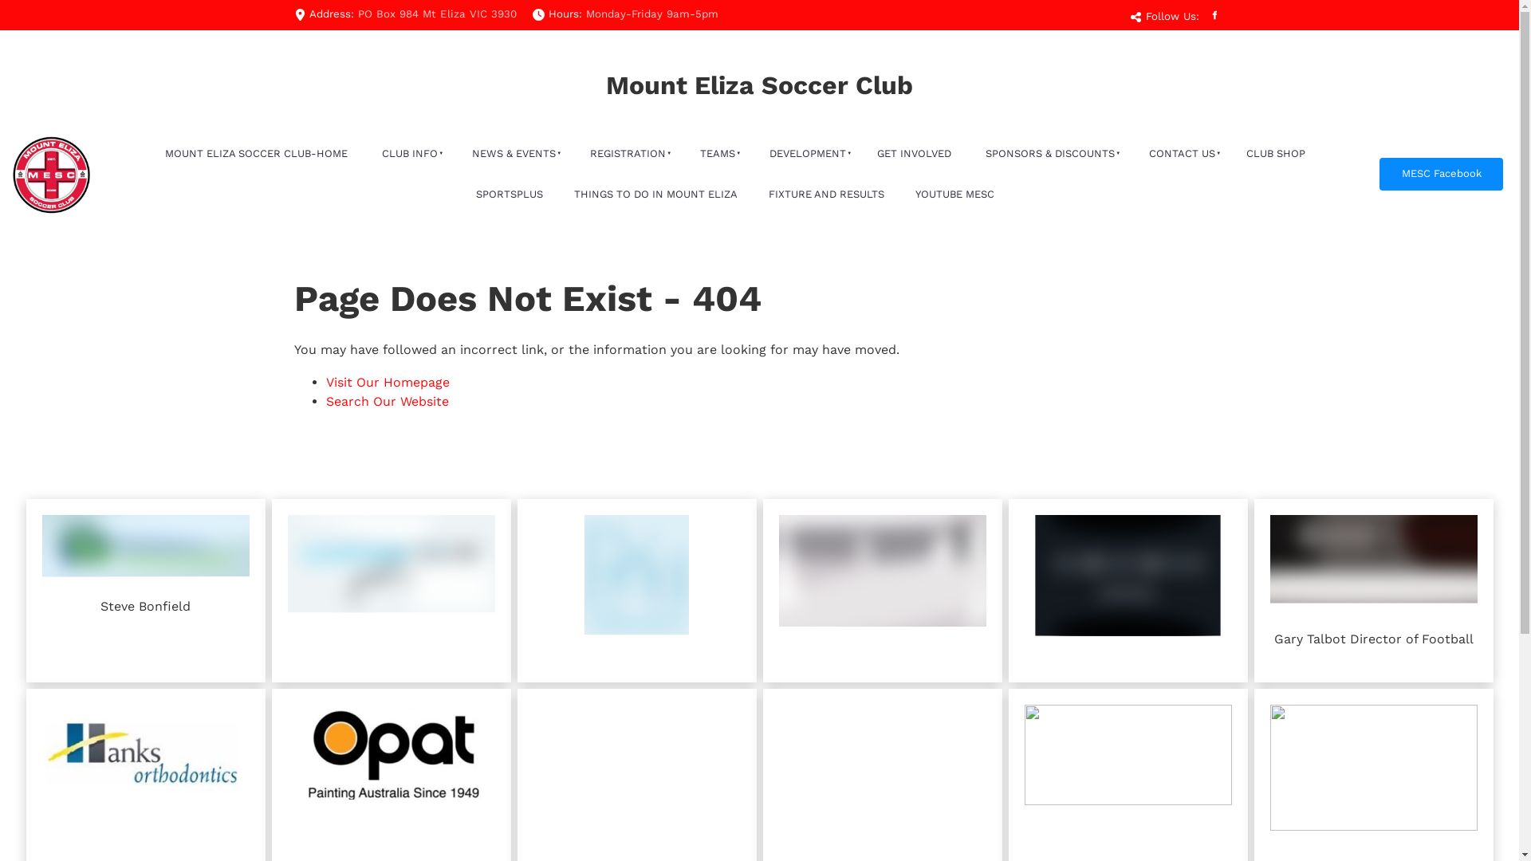 Image resolution: width=1531 pixels, height=861 pixels. I want to click on 'Visit Our Homepage', so click(387, 382).